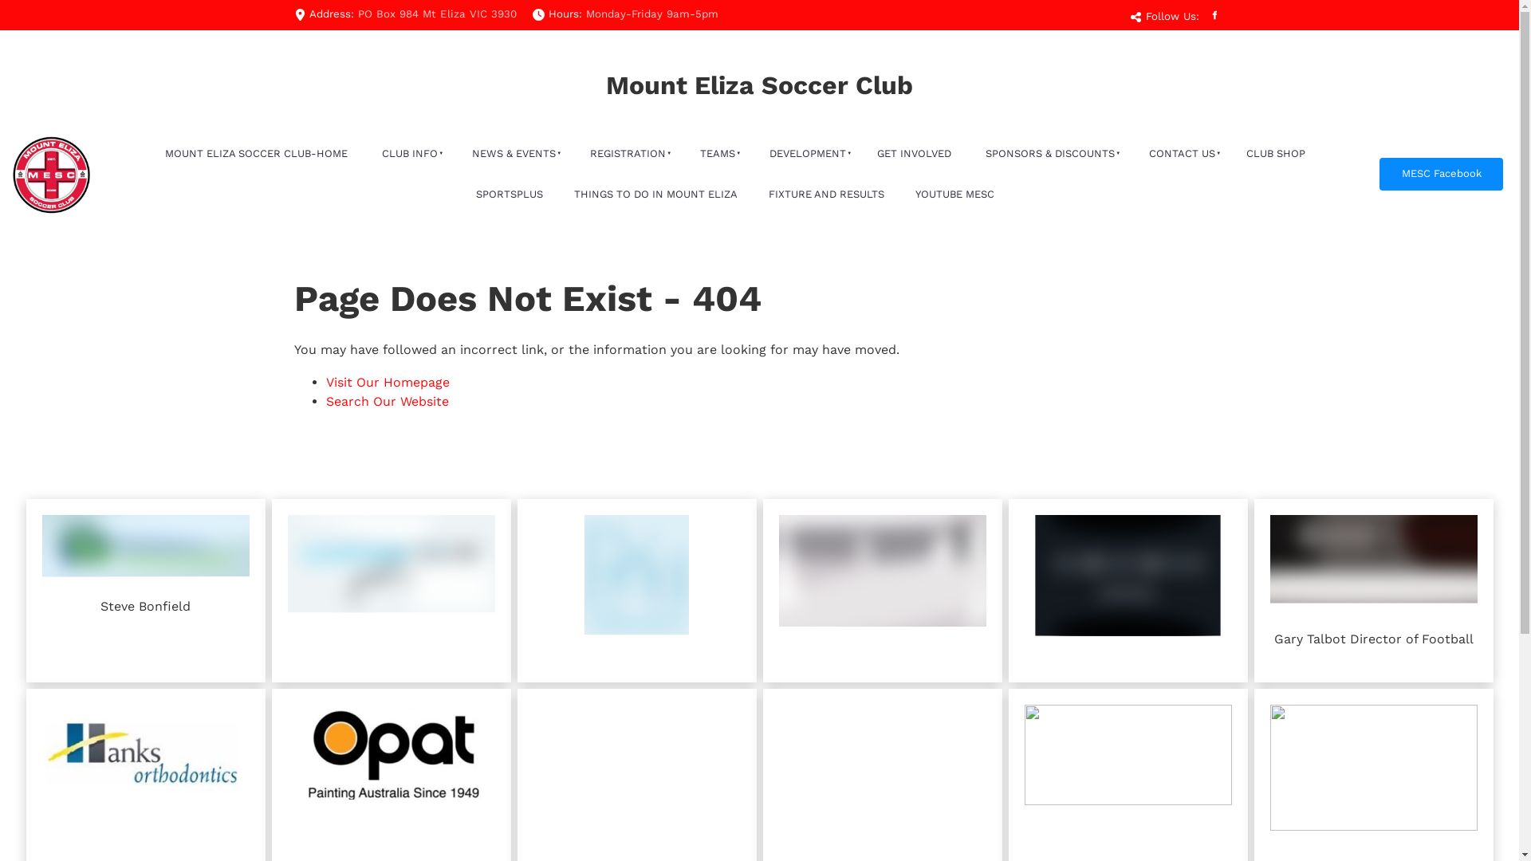 Image resolution: width=1531 pixels, height=861 pixels. I want to click on 'Visit Our Homepage', so click(387, 382).